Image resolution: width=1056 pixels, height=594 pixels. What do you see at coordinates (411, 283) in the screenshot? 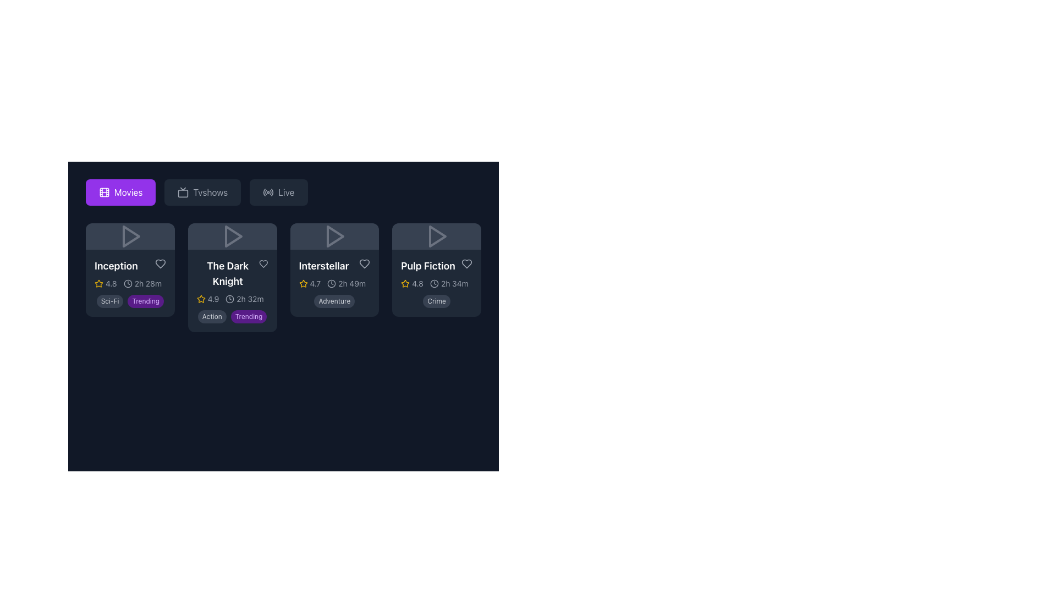
I see `rating score displayed for the movie 'Pulp Fiction', located in the bottom left corner of the movie card, just above the 'Crime' tag and to the right of the star icon` at bounding box center [411, 283].